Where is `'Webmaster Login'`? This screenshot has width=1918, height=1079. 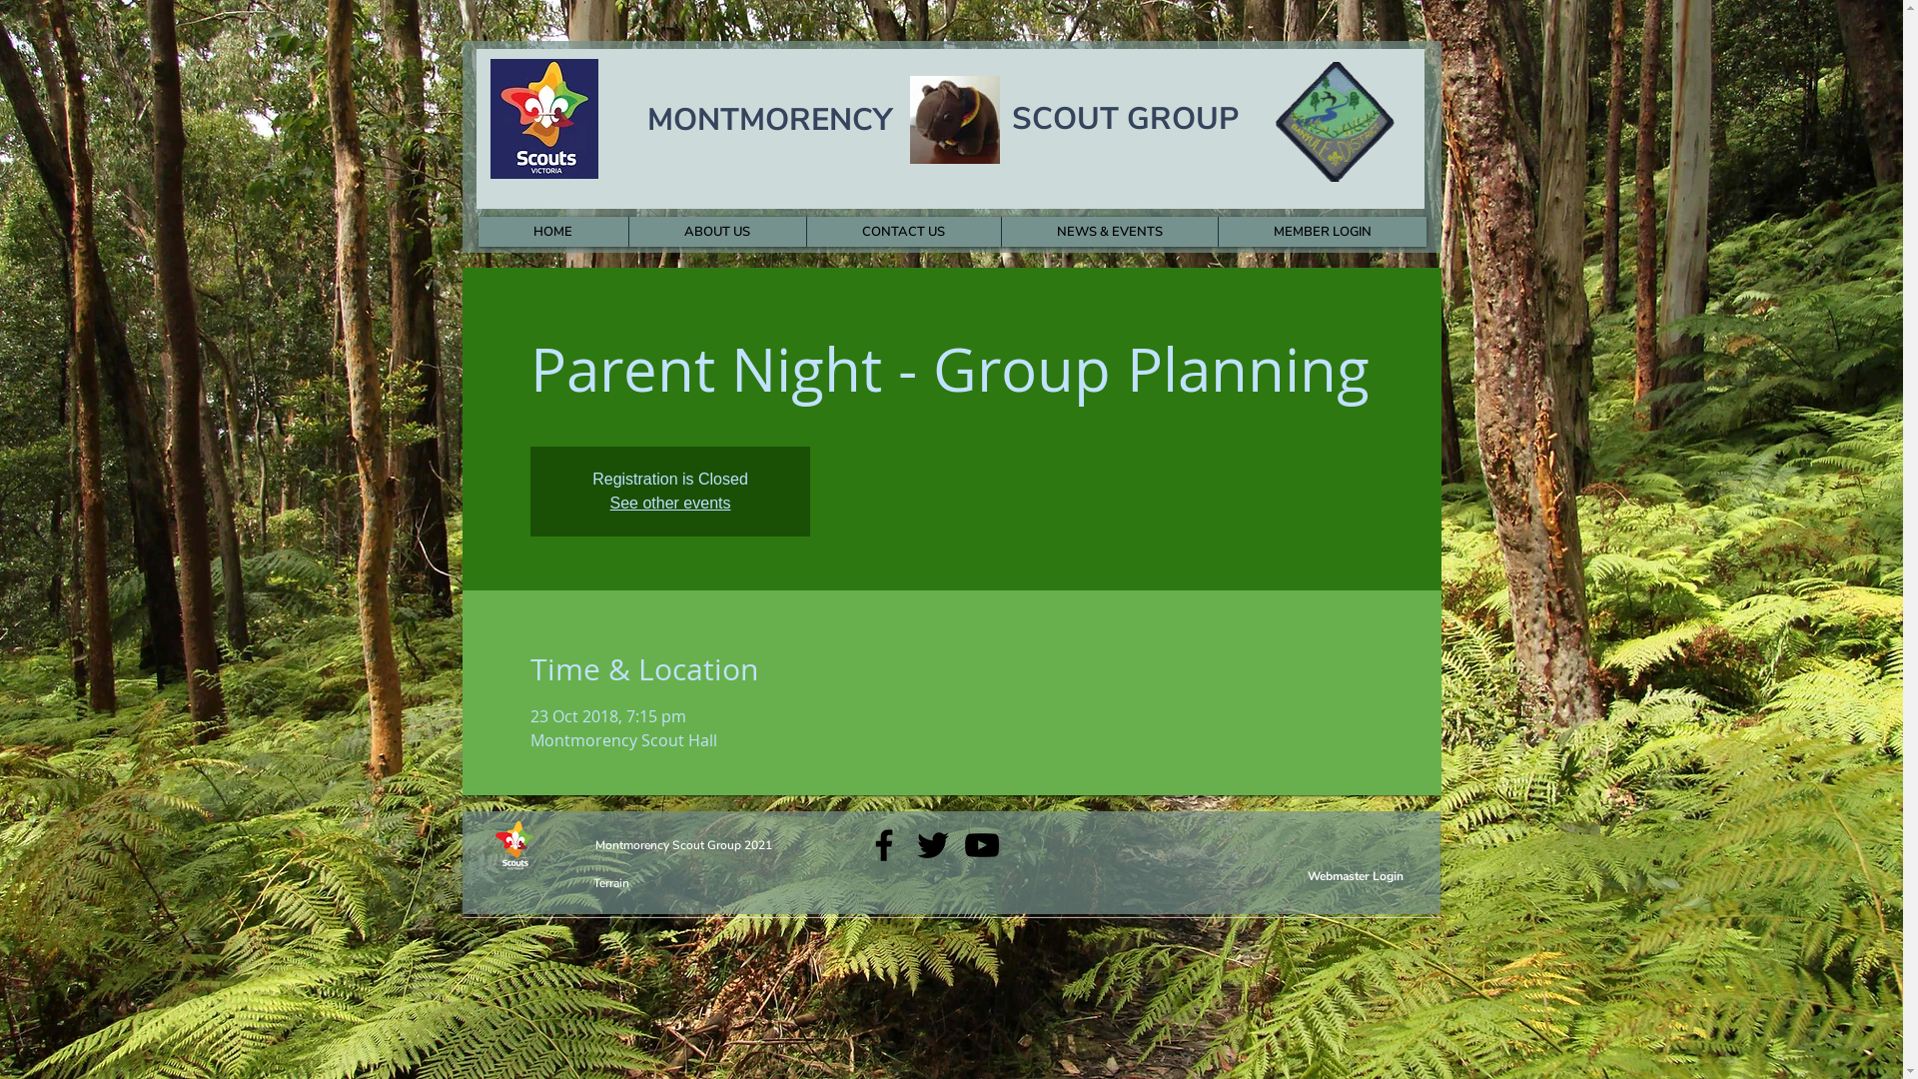
'Webmaster Login' is located at coordinates (1355, 874).